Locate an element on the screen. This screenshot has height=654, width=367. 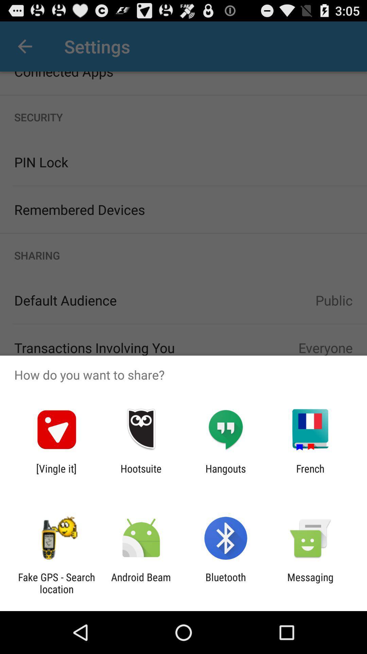
the [vingle it] app is located at coordinates (56, 474).